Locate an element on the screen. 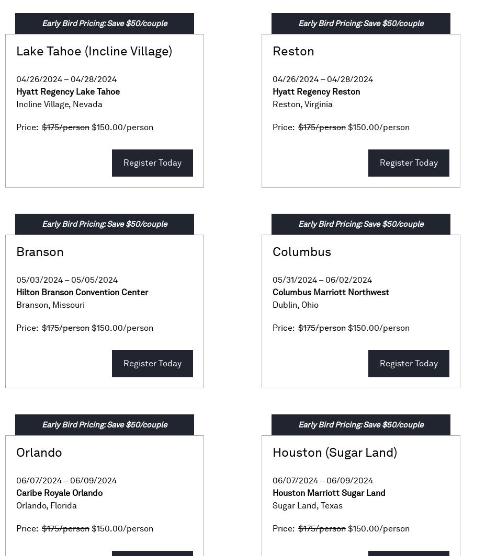 The height and width of the screenshot is (556, 497). '05/31/2024' is located at coordinates (295, 280).